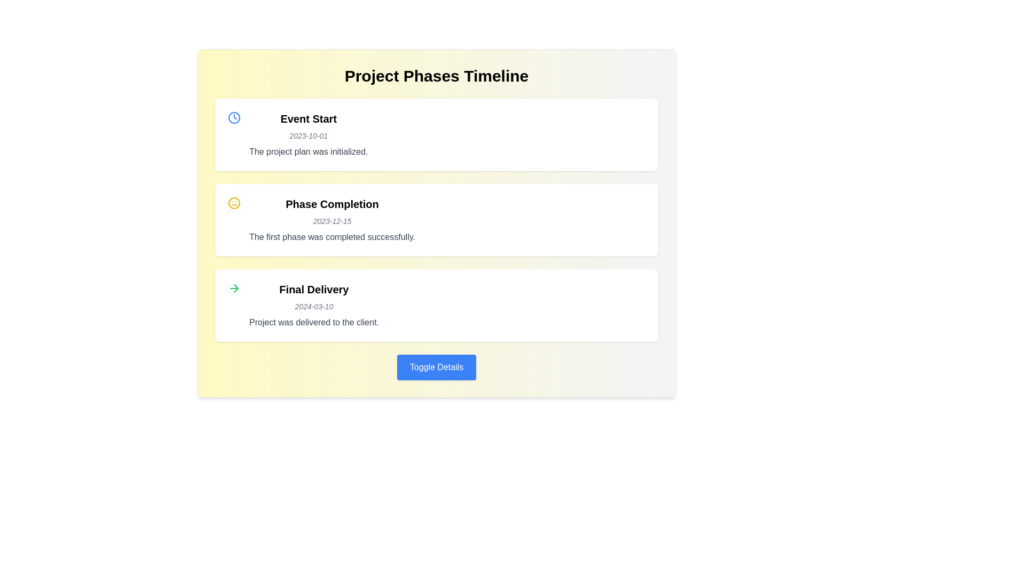  What do you see at coordinates (332, 221) in the screenshot?
I see `the text element that provides a date marking an important milestone, located within the 'Phase Completion' card, positioned below the heading 'Phase Completion'` at bounding box center [332, 221].